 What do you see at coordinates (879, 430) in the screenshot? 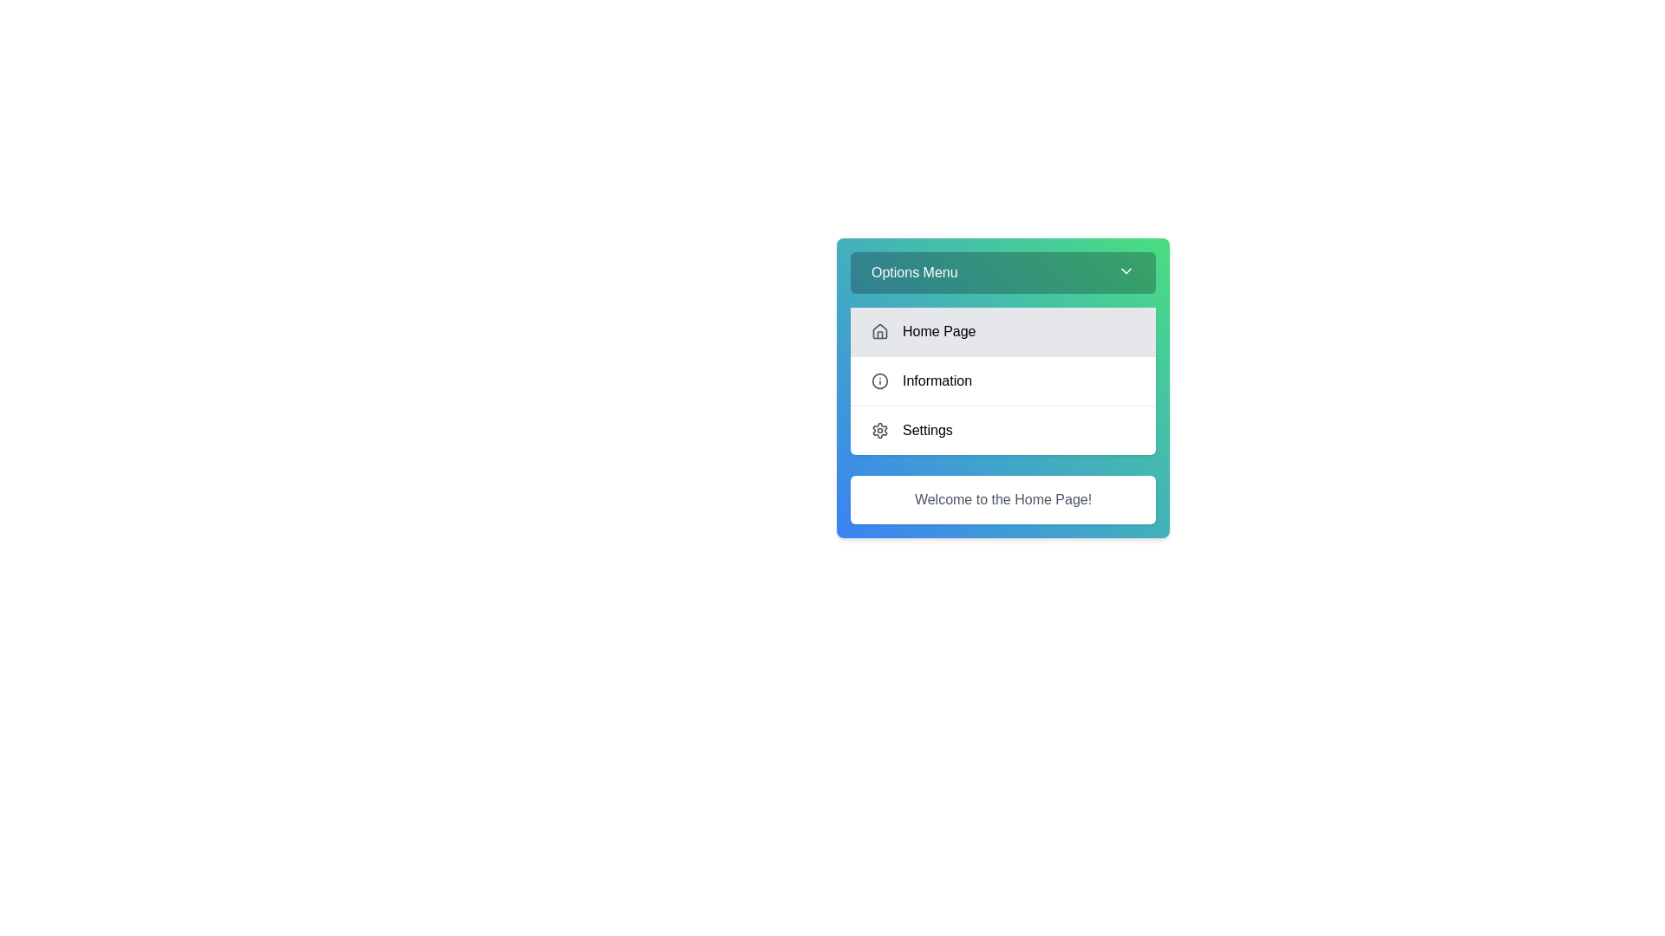
I see `the cog icon representing settings` at bounding box center [879, 430].